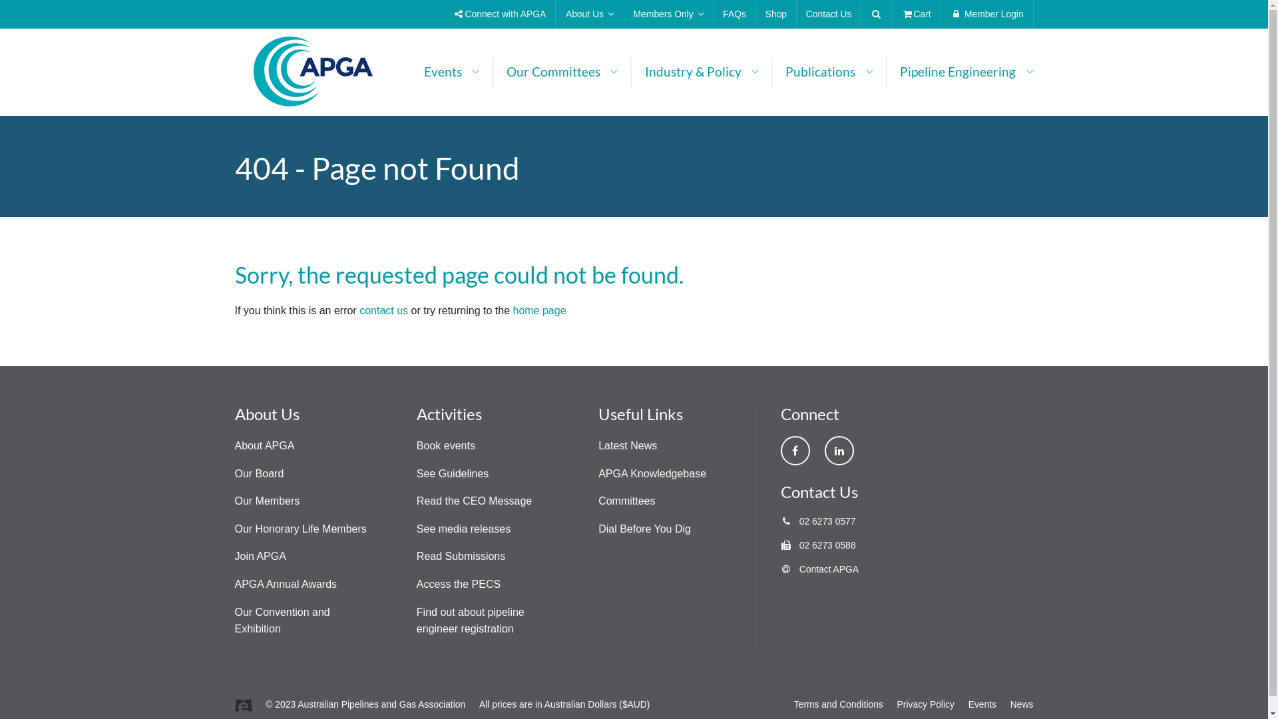  What do you see at coordinates (837, 703) in the screenshot?
I see `'Terms and Conditions'` at bounding box center [837, 703].